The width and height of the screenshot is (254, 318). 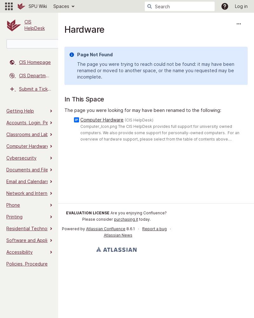 What do you see at coordinates (139, 120) in the screenshot?
I see `'(CIS HelpDesk)'` at bounding box center [139, 120].